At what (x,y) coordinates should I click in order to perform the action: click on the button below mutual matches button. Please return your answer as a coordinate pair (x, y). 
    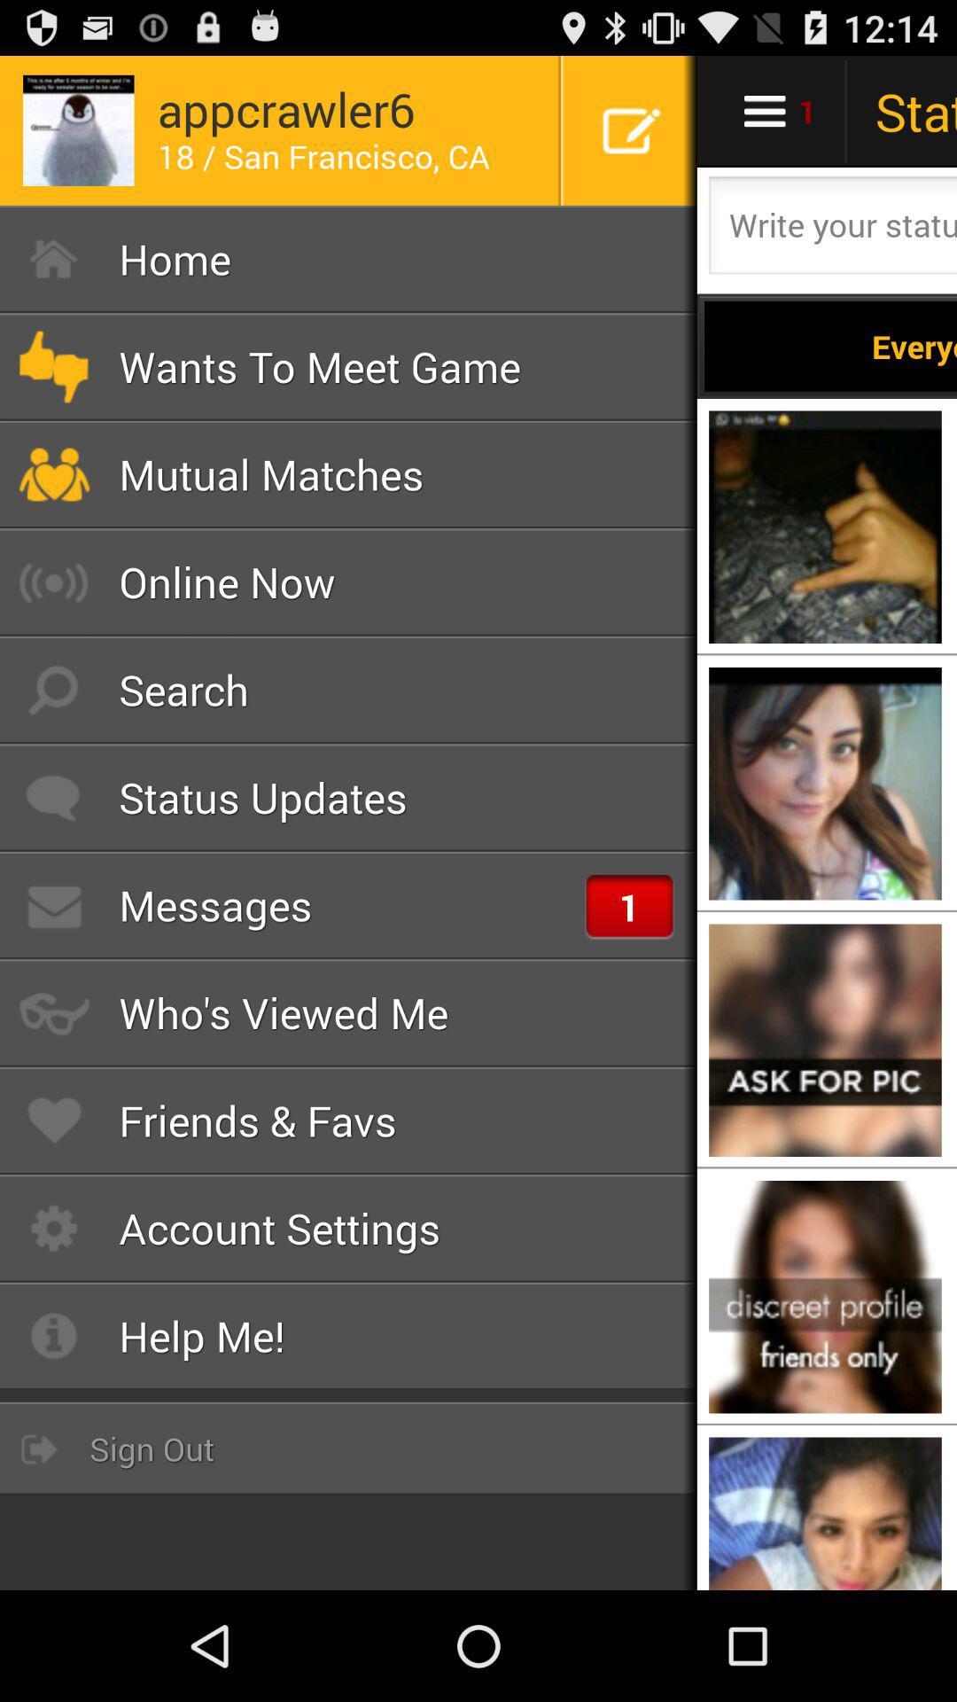
    Looking at the image, I should click on (348, 582).